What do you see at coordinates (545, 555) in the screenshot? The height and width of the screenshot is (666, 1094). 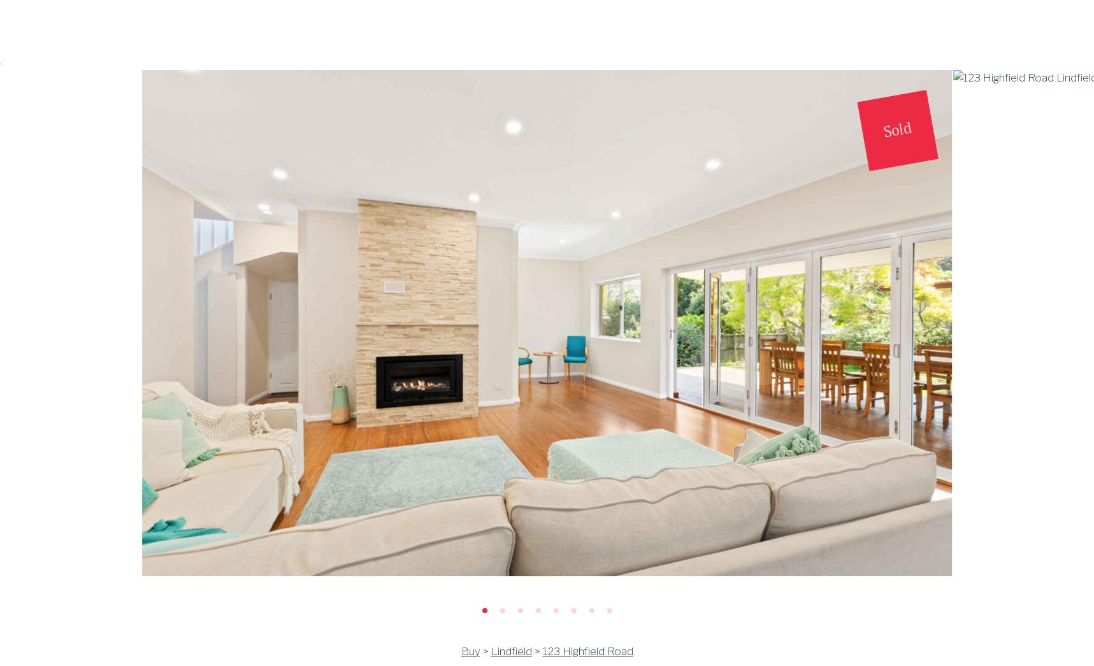 I see `'Share this property with friends'` at bounding box center [545, 555].